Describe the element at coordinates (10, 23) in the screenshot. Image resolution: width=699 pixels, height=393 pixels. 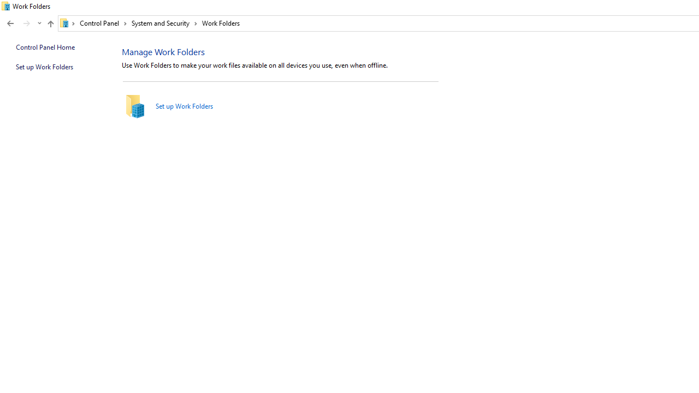
I see `'Back to System and Security (Alt + Left Arrow)'` at that location.